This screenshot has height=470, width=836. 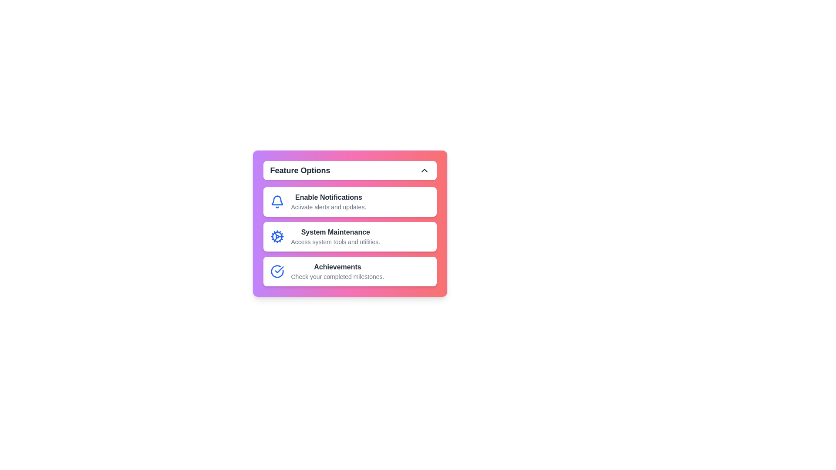 I want to click on the menu item Achievements to view its hover effects, so click(x=350, y=271).